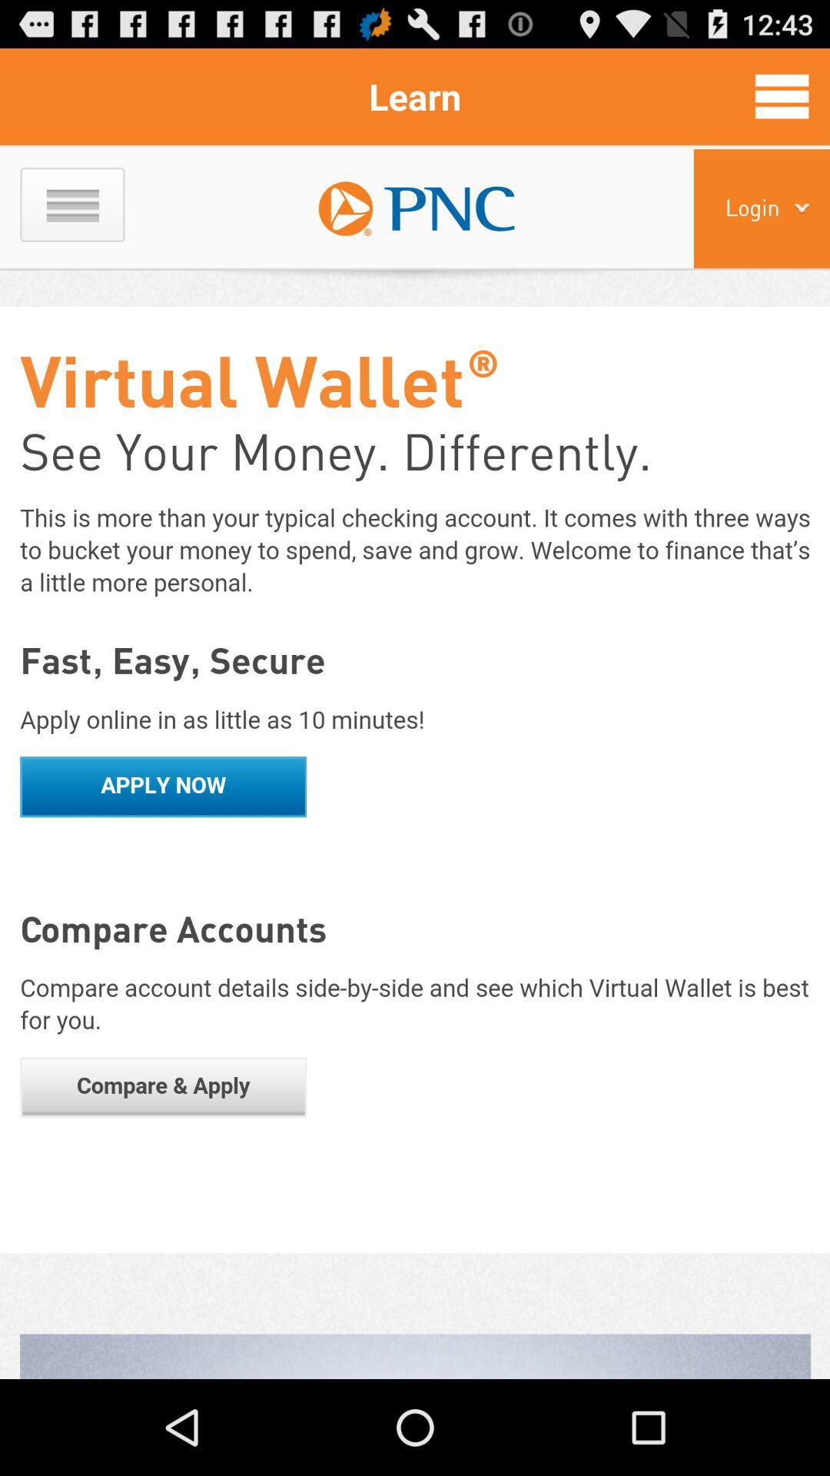 Image resolution: width=830 pixels, height=1476 pixels. I want to click on the button is menu button, so click(782, 95).